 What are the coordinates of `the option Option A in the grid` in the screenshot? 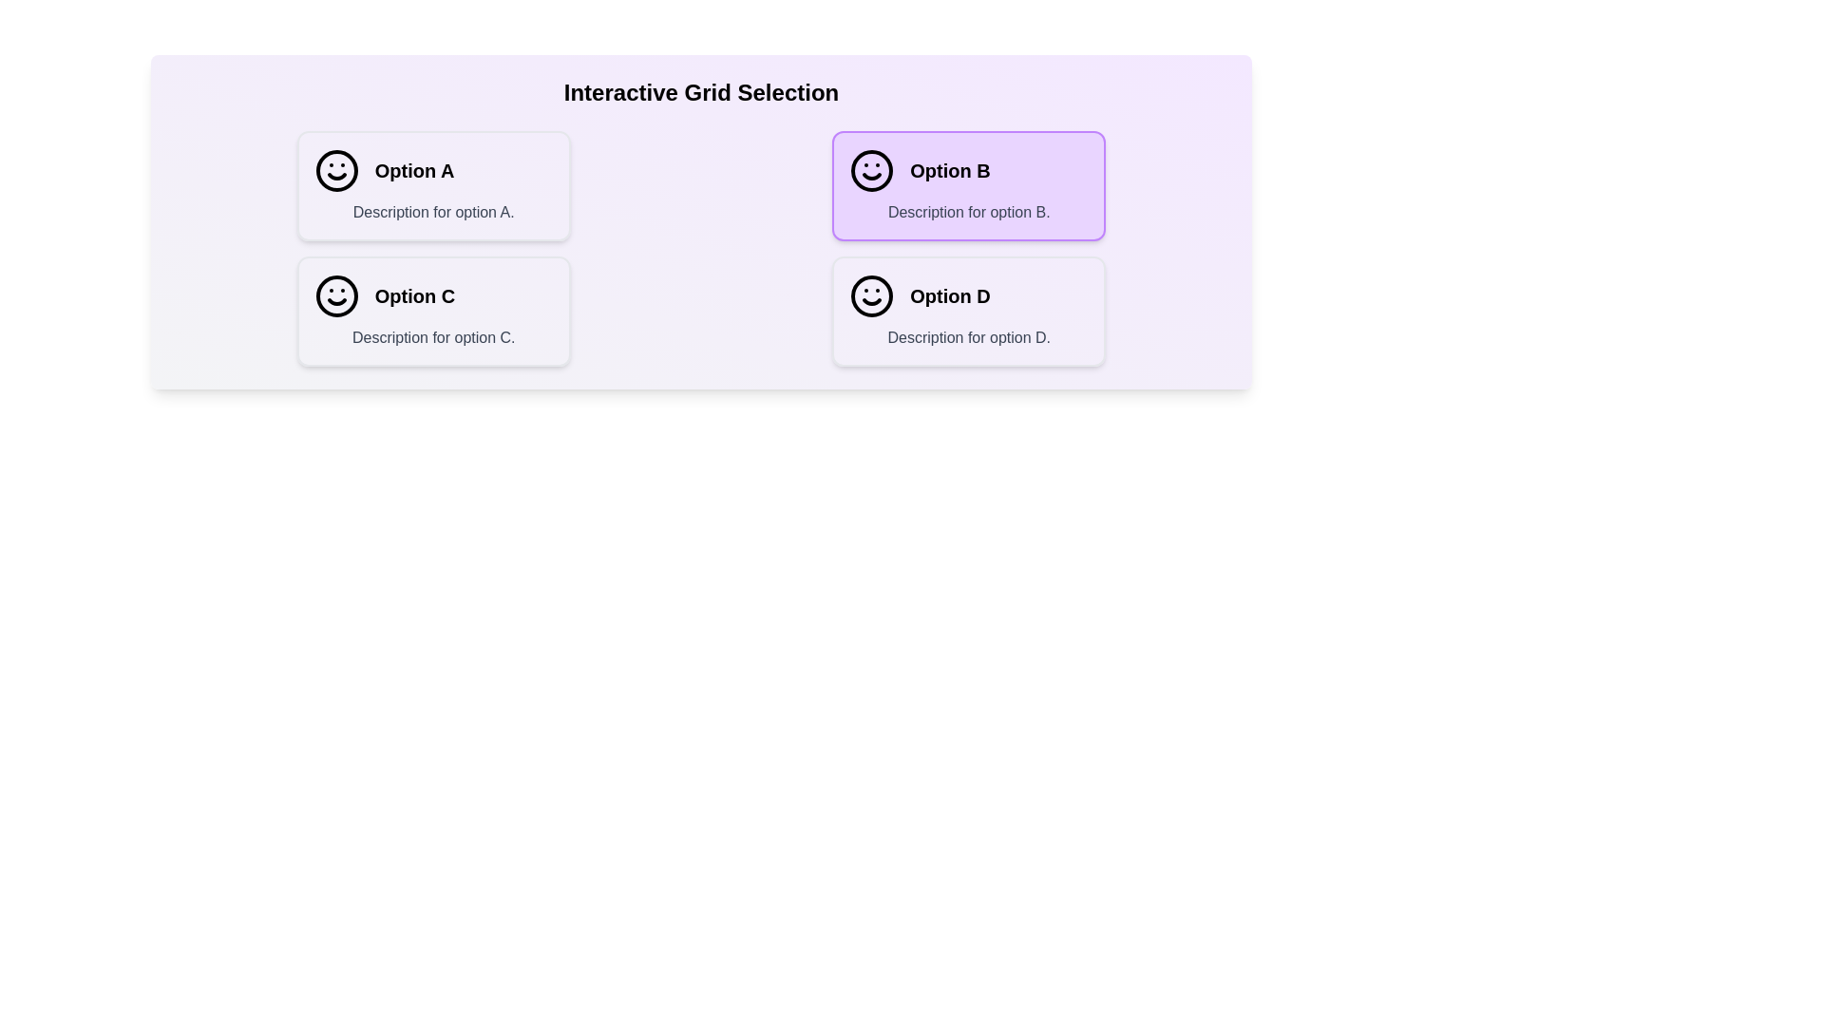 It's located at (432, 186).